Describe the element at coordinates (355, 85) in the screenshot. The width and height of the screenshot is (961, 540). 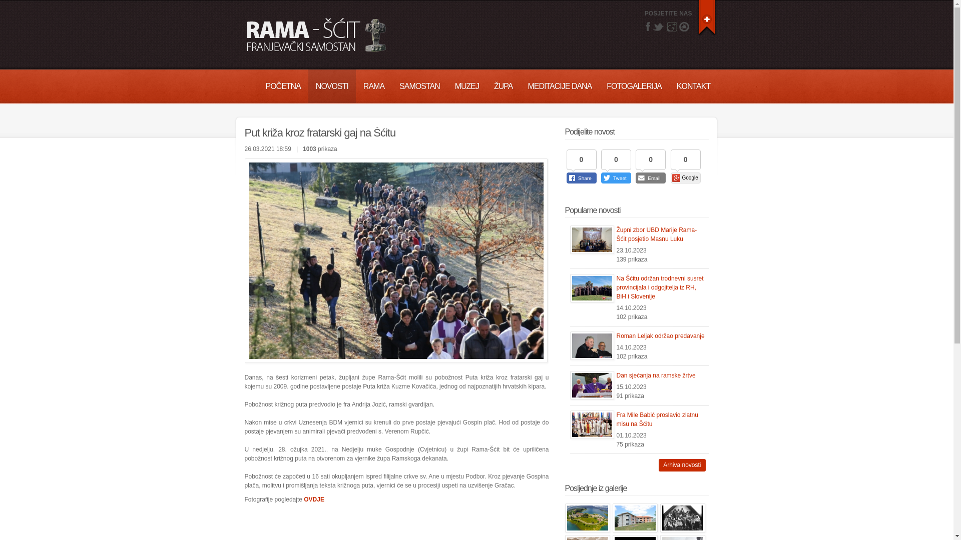
I see `'RAMA'` at that location.